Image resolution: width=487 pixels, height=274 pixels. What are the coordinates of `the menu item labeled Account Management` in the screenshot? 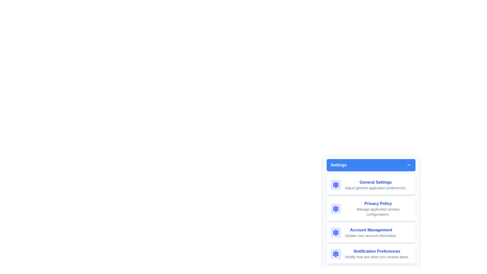 It's located at (371, 233).